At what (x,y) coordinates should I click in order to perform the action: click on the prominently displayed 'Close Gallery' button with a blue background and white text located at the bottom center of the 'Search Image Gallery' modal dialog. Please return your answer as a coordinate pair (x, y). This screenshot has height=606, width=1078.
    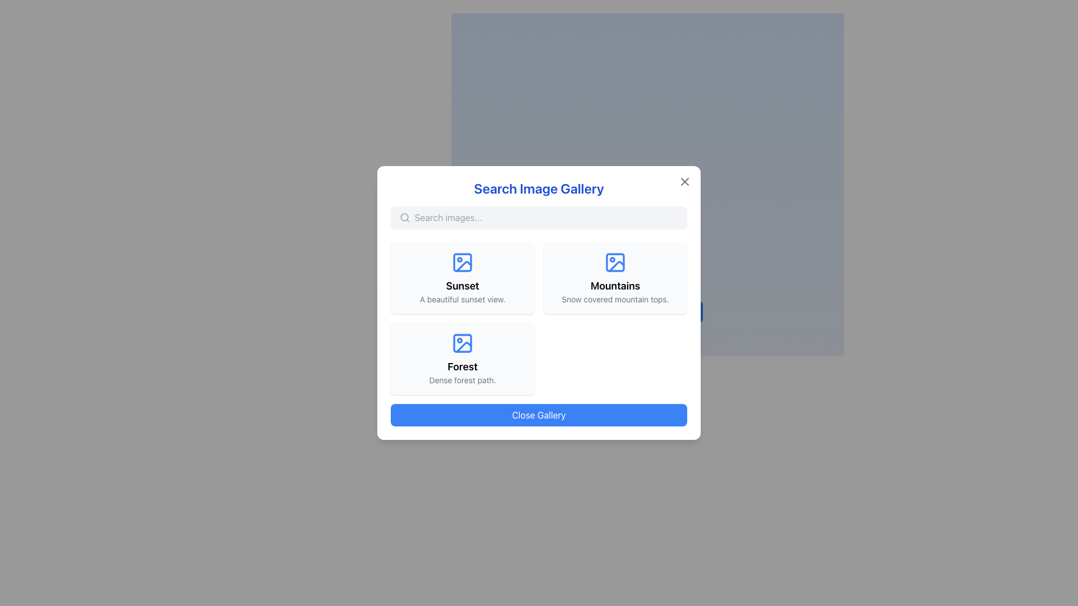
    Looking at the image, I should click on (539, 415).